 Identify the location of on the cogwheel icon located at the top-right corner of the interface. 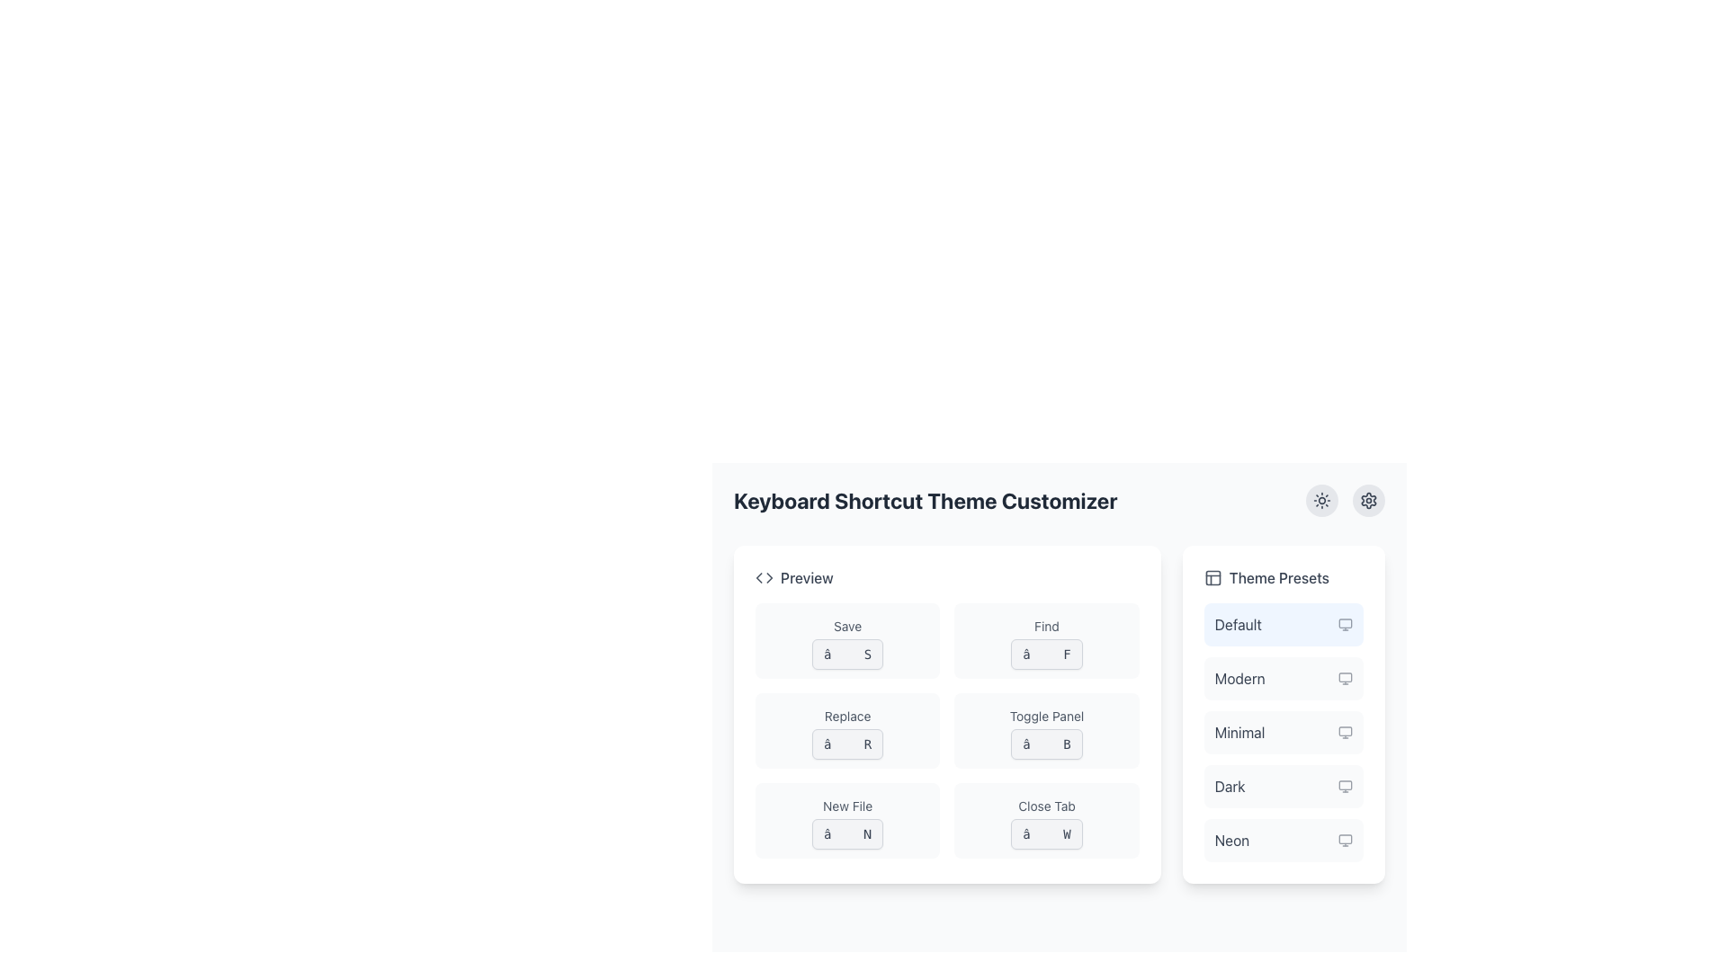
(1367, 500).